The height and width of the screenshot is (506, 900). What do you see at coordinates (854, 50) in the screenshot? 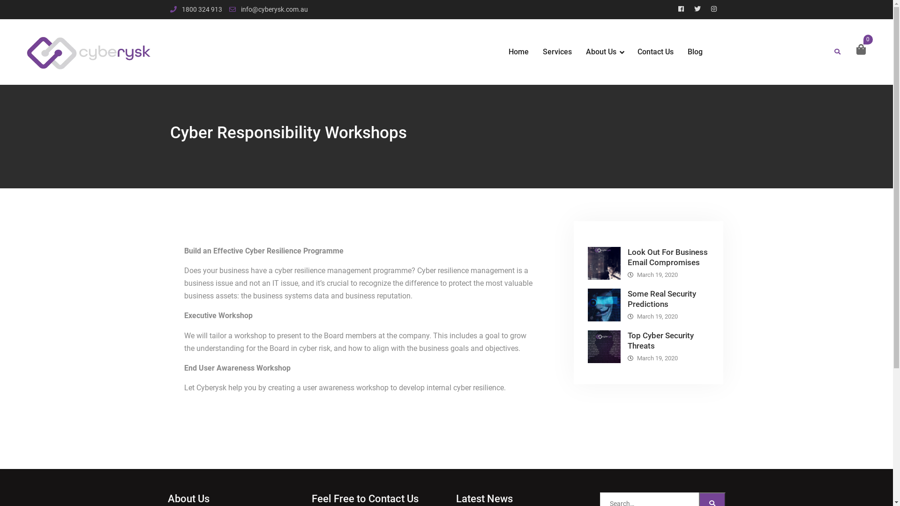
I see `'0'` at bounding box center [854, 50].